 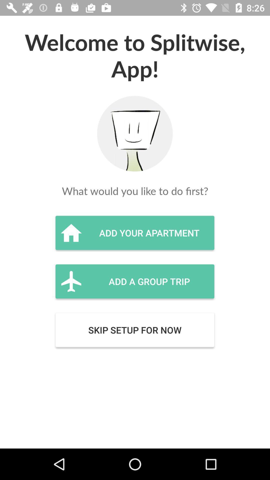 I want to click on the add a group, so click(x=134, y=281).